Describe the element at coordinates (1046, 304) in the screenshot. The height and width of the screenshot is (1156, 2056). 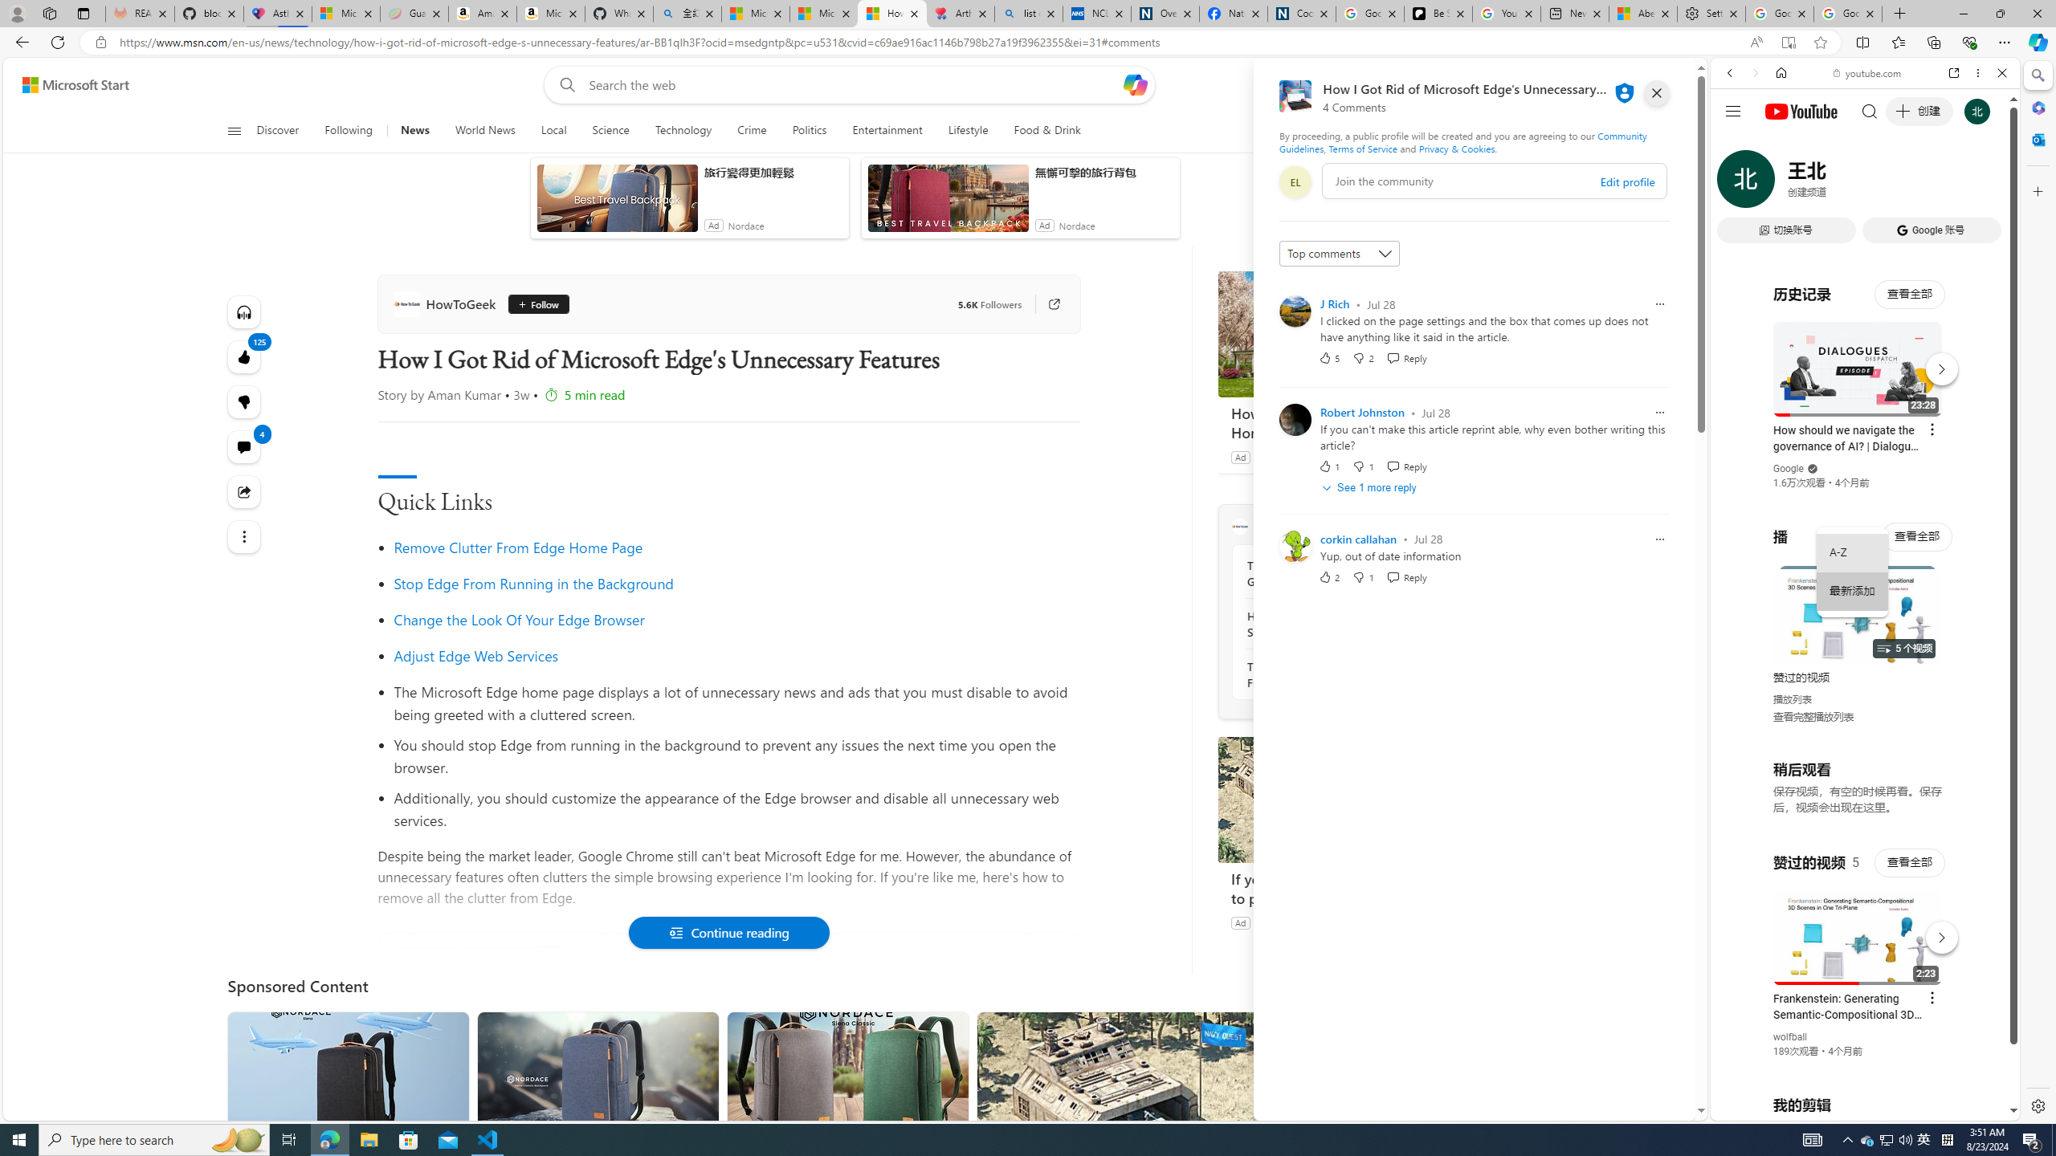
I see `'Go to publisher'` at that location.